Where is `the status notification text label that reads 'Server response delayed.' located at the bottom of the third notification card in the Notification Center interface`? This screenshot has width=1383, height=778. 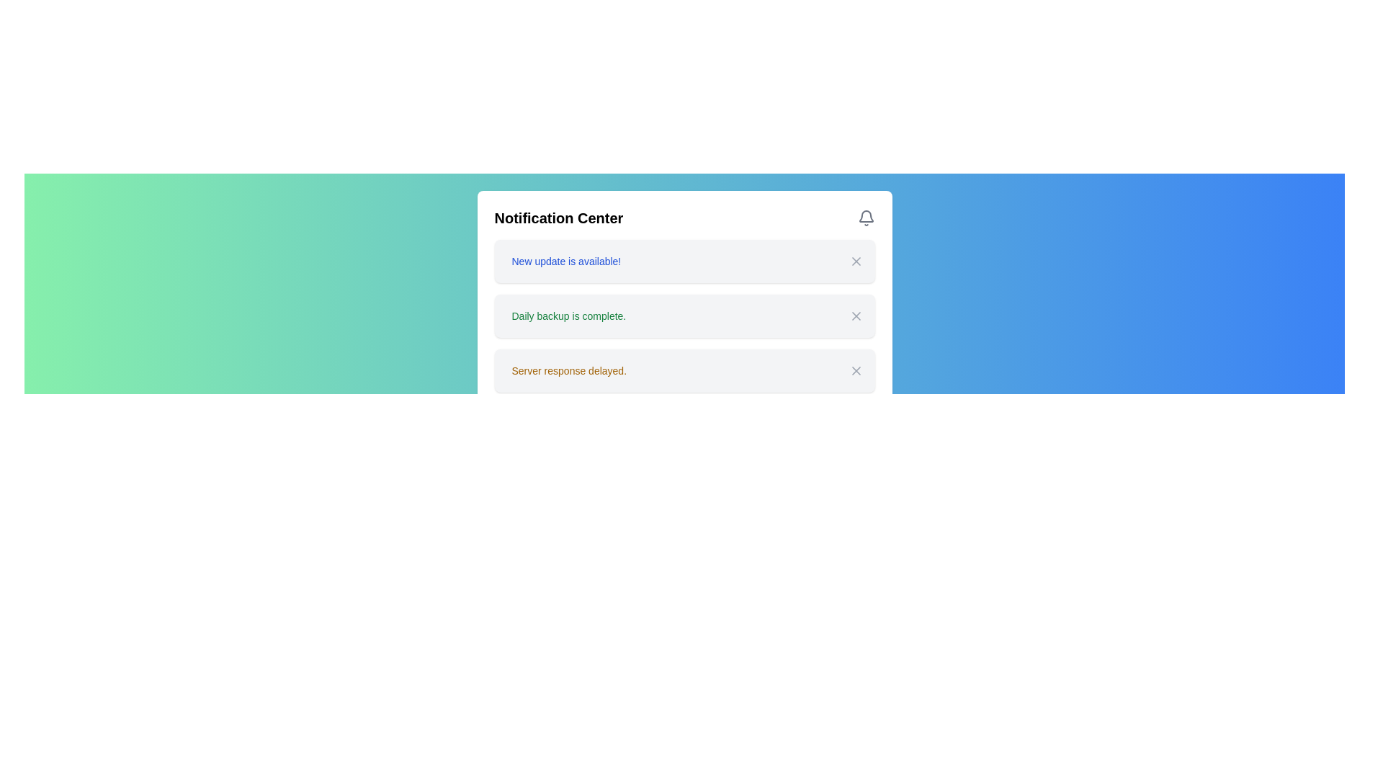 the status notification text label that reads 'Server response delayed.' located at the bottom of the third notification card in the Notification Center interface is located at coordinates (568, 370).